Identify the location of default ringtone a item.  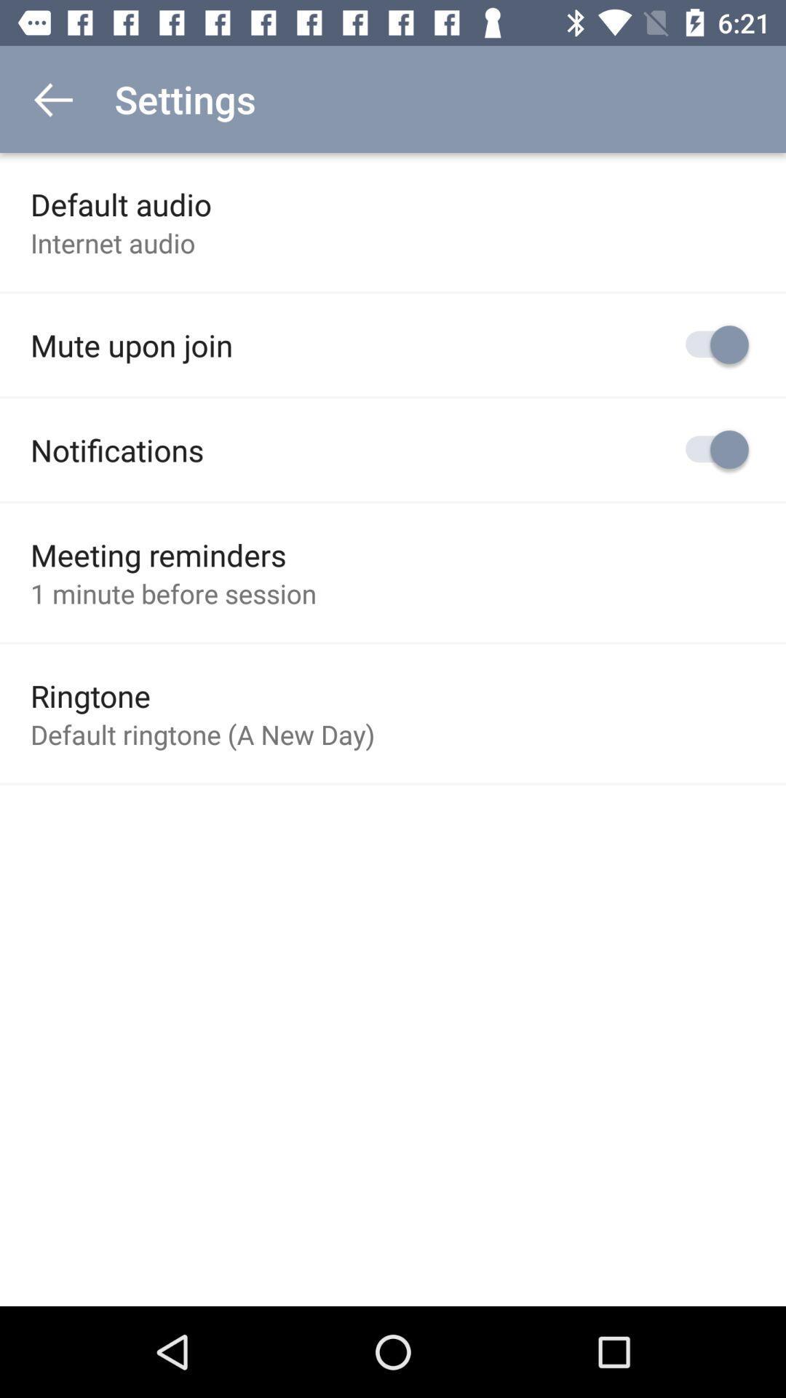
(202, 734).